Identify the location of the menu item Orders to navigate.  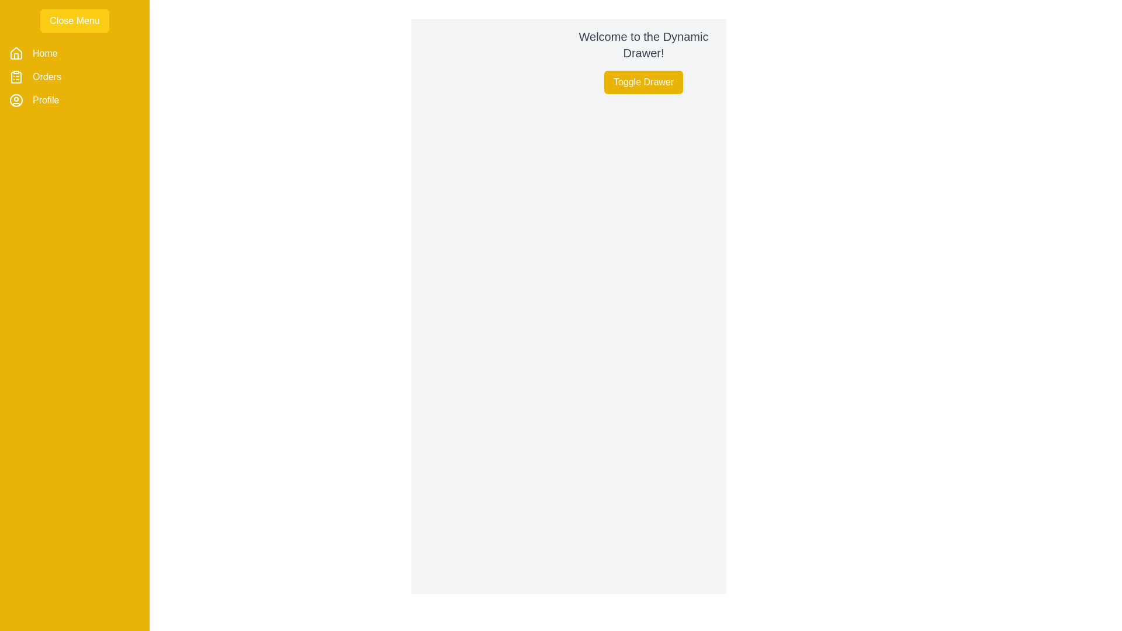
(47, 77).